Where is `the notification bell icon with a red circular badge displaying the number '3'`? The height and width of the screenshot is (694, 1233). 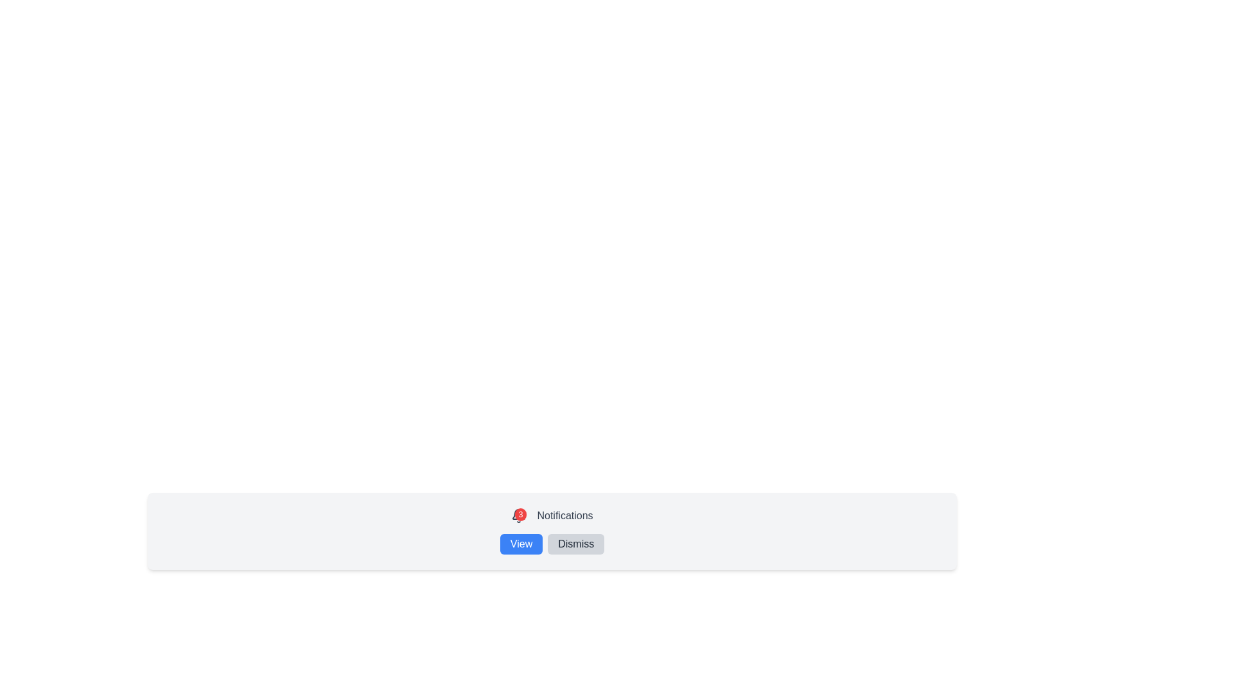 the notification bell icon with a red circular badge displaying the number '3' is located at coordinates (519, 515).